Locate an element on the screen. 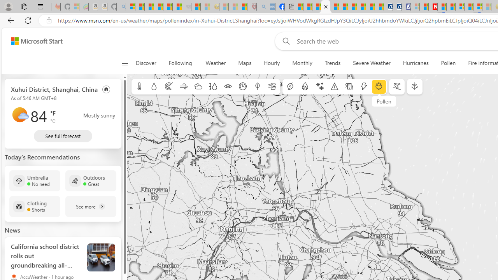  'Hurricane' is located at coordinates (290, 87).